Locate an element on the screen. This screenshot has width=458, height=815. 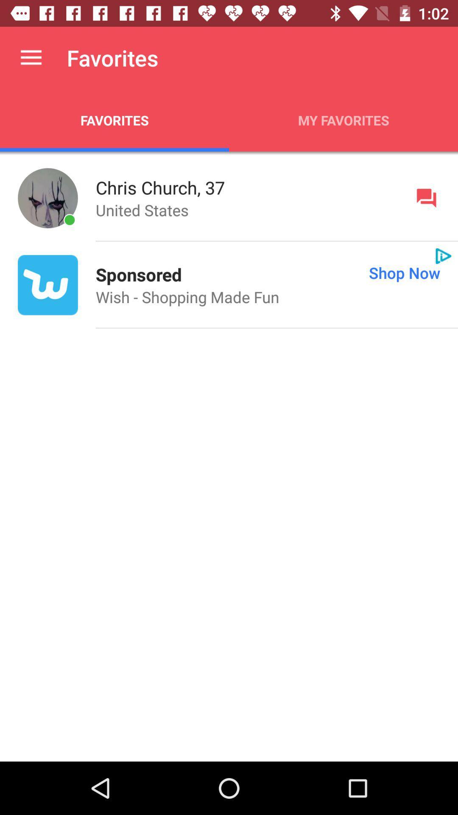
the icon at the center is located at coordinates (187, 297).